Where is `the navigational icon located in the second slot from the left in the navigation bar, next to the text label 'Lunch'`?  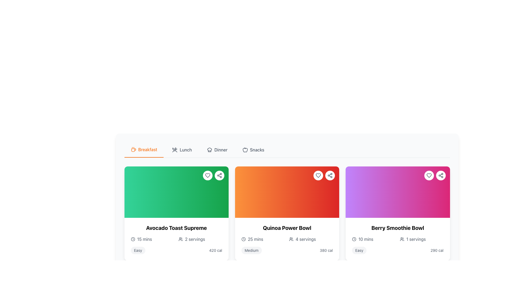 the navigational icon located in the second slot from the left in the navigation bar, next to the text label 'Lunch' is located at coordinates (175, 150).